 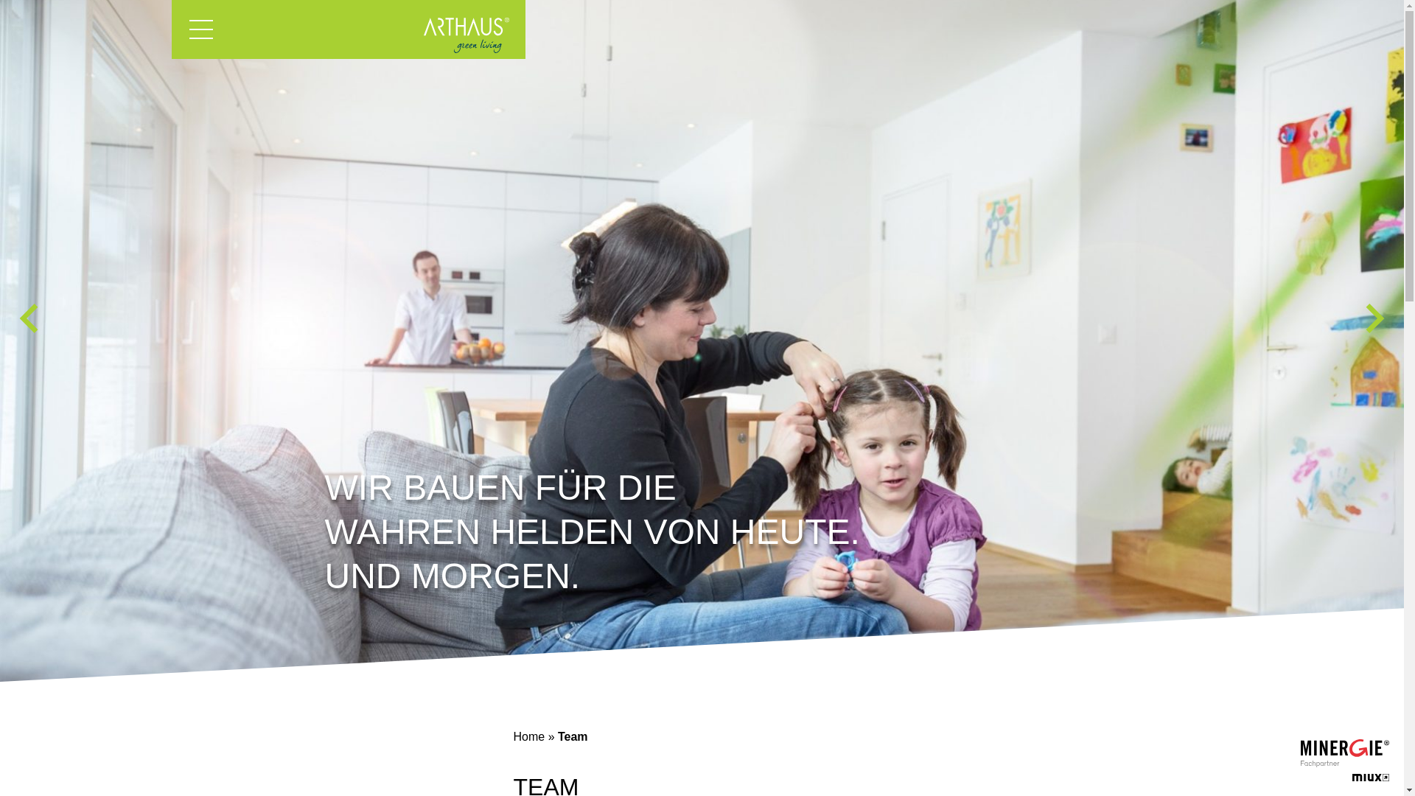 What do you see at coordinates (528, 736) in the screenshot?
I see `'Home'` at bounding box center [528, 736].